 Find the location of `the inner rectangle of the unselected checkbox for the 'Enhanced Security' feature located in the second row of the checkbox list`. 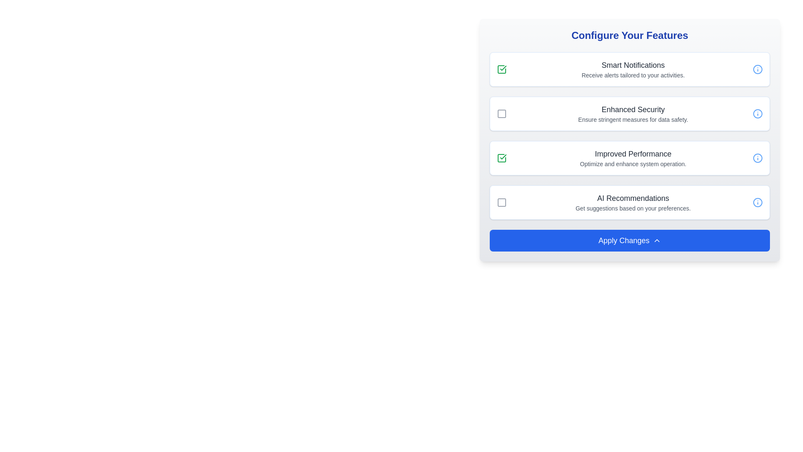

the inner rectangle of the unselected checkbox for the 'Enhanced Security' feature located in the second row of the checkbox list is located at coordinates (502, 114).